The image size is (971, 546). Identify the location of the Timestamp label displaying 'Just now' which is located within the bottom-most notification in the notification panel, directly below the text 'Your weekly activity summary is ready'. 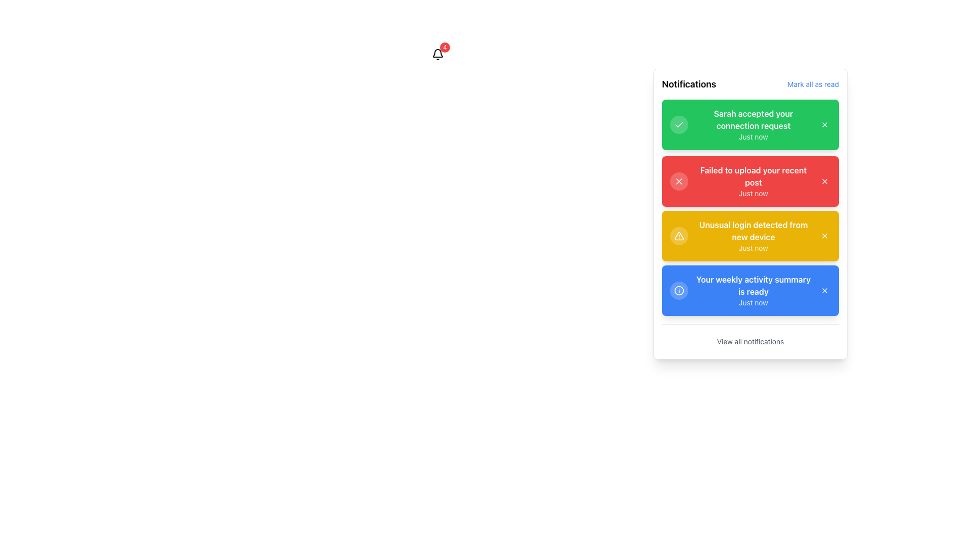
(753, 302).